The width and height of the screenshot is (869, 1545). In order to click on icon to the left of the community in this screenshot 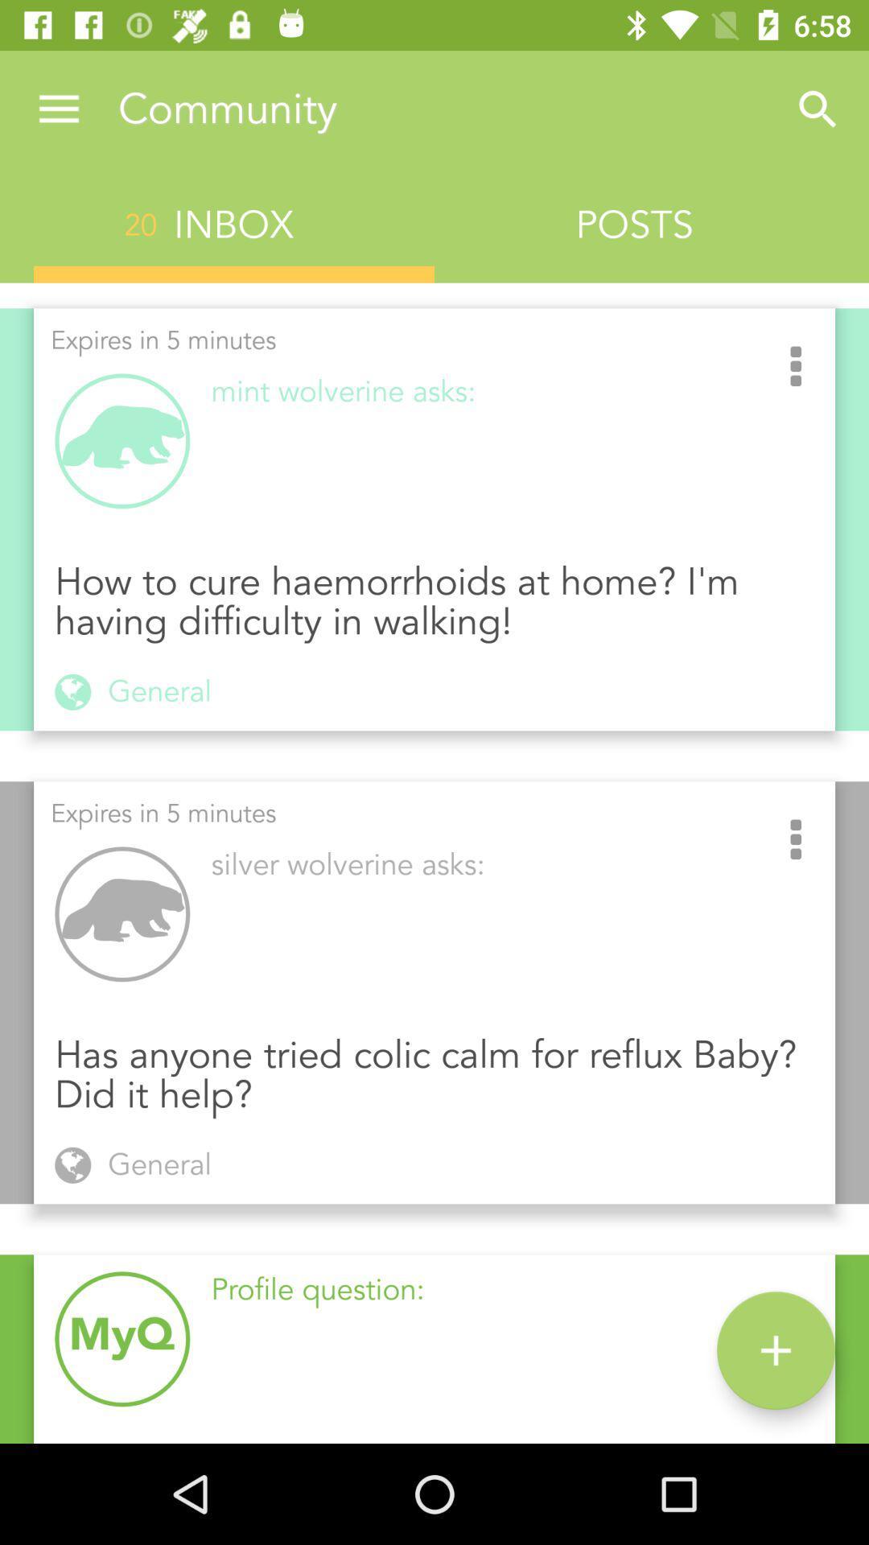, I will do `click(58, 109)`.